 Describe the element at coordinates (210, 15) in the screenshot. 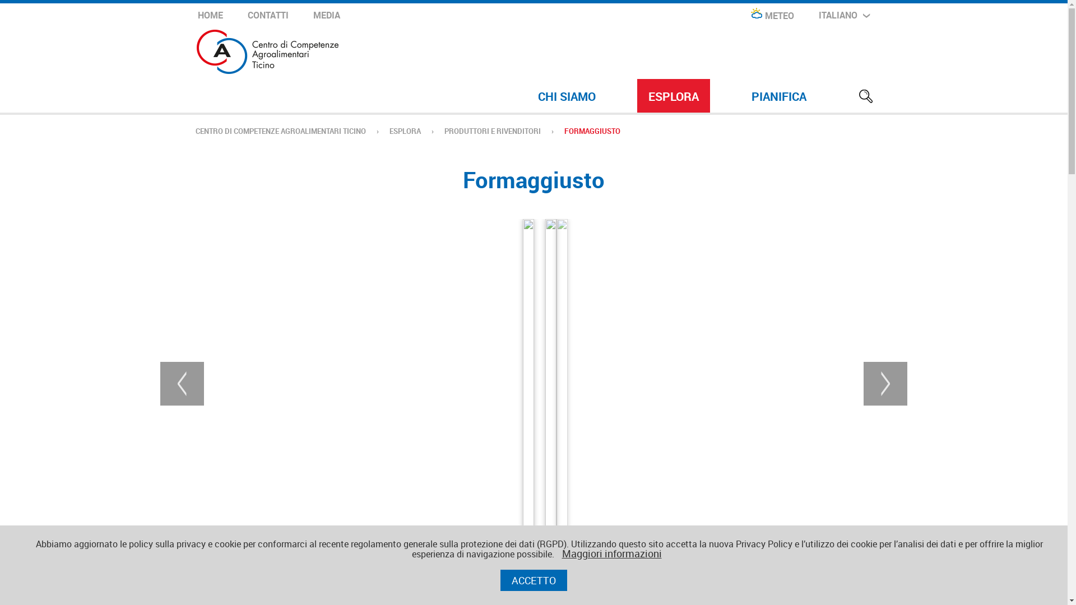

I see `'HOME'` at that location.